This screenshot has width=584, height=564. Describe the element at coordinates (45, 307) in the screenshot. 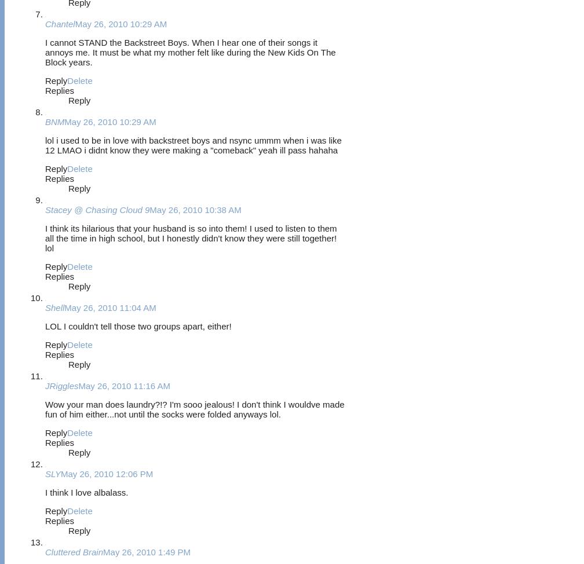

I see `'Shell'` at that location.